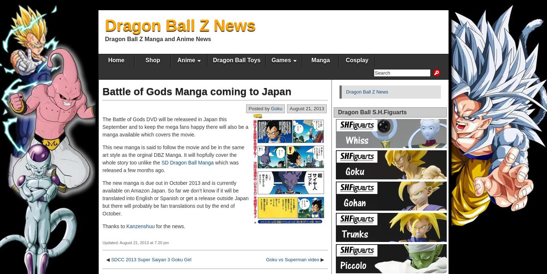 This screenshot has height=274, width=547. I want to click on 'Battle of Gods Manga coming to Japan', so click(197, 91).